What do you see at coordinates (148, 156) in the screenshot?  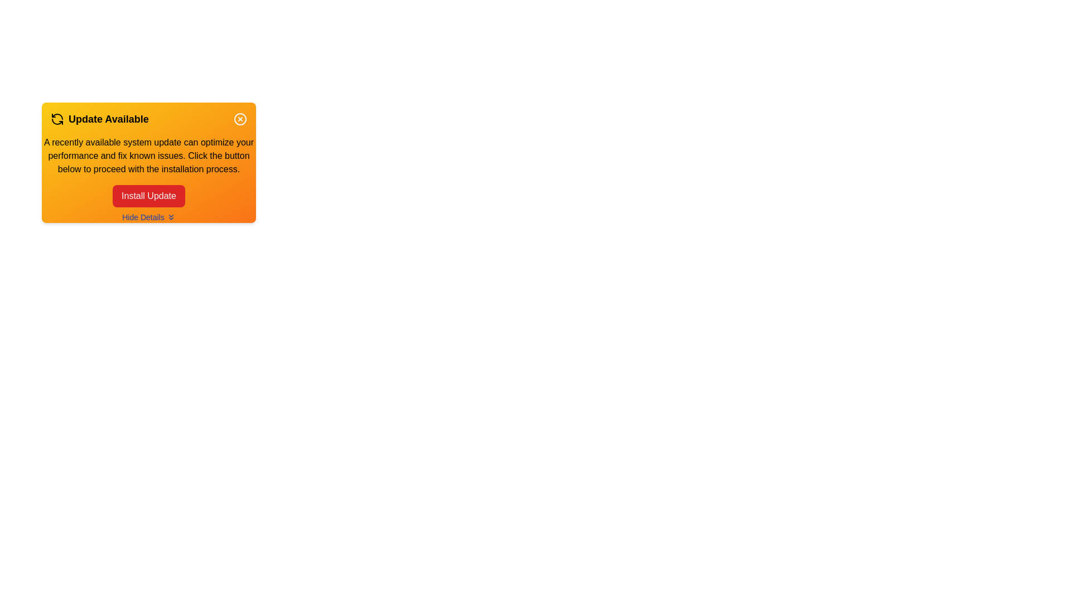 I see `the text content area to read the information displayed` at bounding box center [148, 156].